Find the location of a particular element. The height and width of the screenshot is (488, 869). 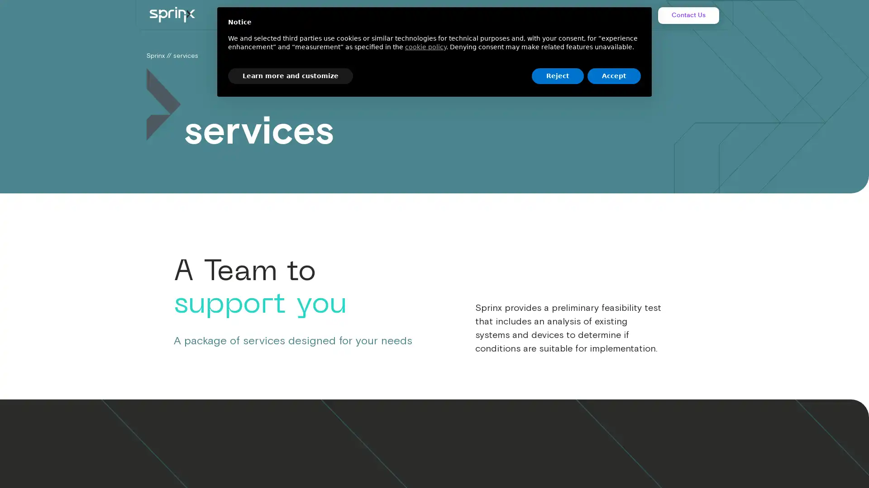

Learn more and customize is located at coordinates (291, 75).